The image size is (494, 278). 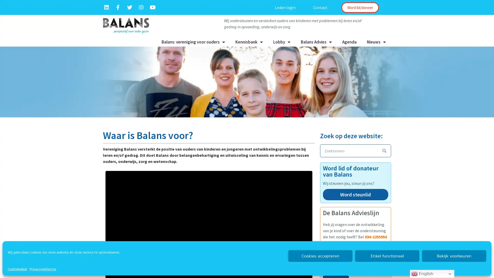 I want to click on Luister met de ReachDeck-werkbalk, so click(x=242, y=8).